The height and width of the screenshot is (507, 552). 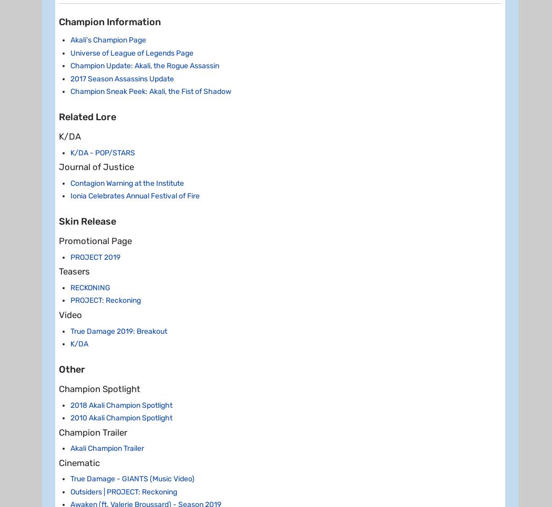 I want to click on 'Champion Spotlight', so click(x=115, y=155).